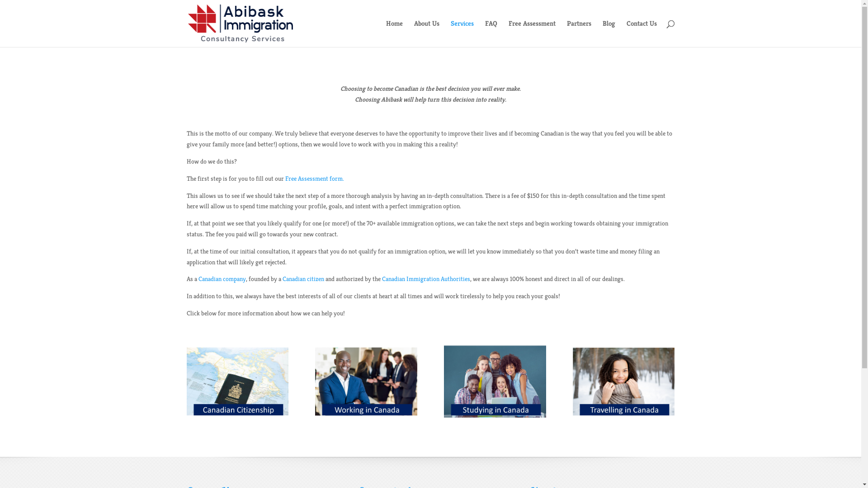 The height and width of the screenshot is (488, 868). I want to click on 'FAQ', so click(484, 33).